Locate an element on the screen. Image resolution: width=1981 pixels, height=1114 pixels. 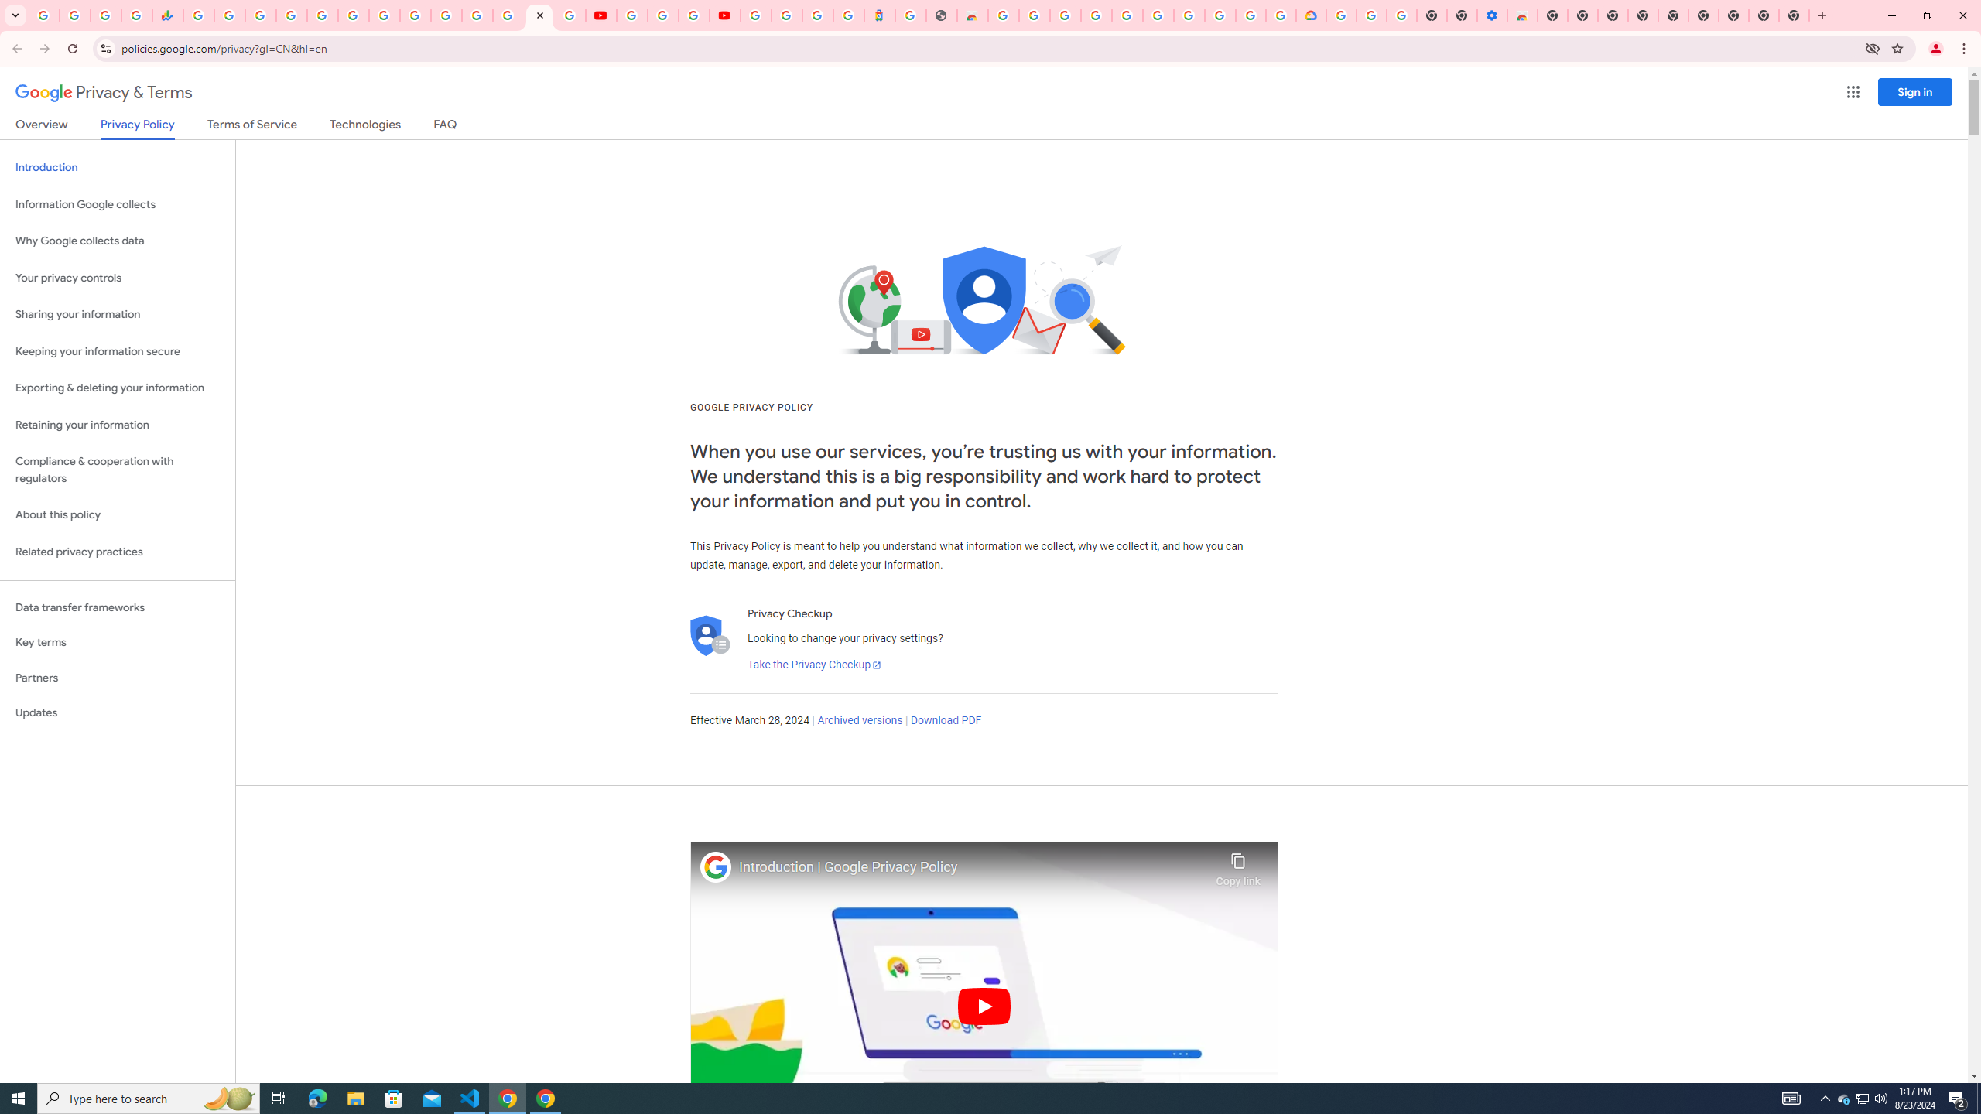
'System' is located at coordinates (9, 7).